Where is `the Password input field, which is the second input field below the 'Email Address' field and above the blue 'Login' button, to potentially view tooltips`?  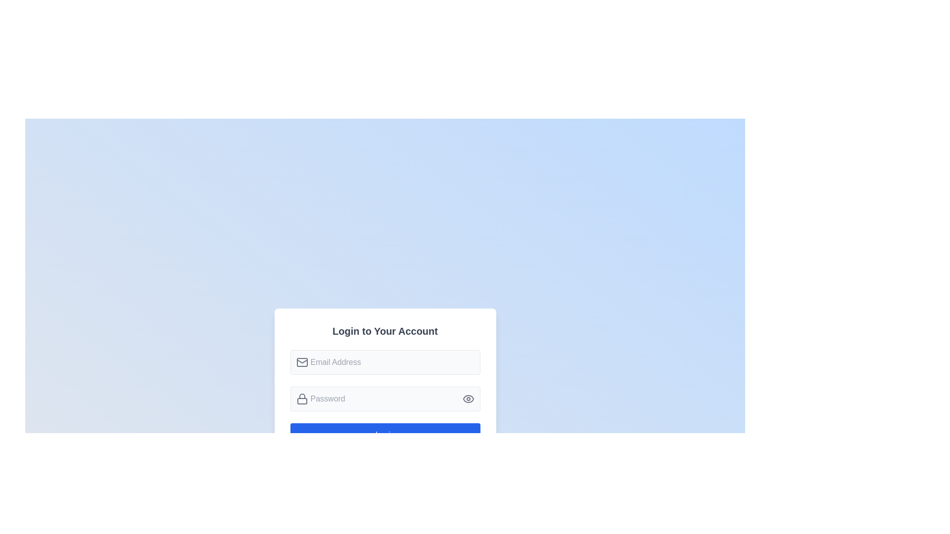 the Password input field, which is the second input field below the 'Email Address' field and above the blue 'Login' button, to potentially view tooltips is located at coordinates (384, 398).